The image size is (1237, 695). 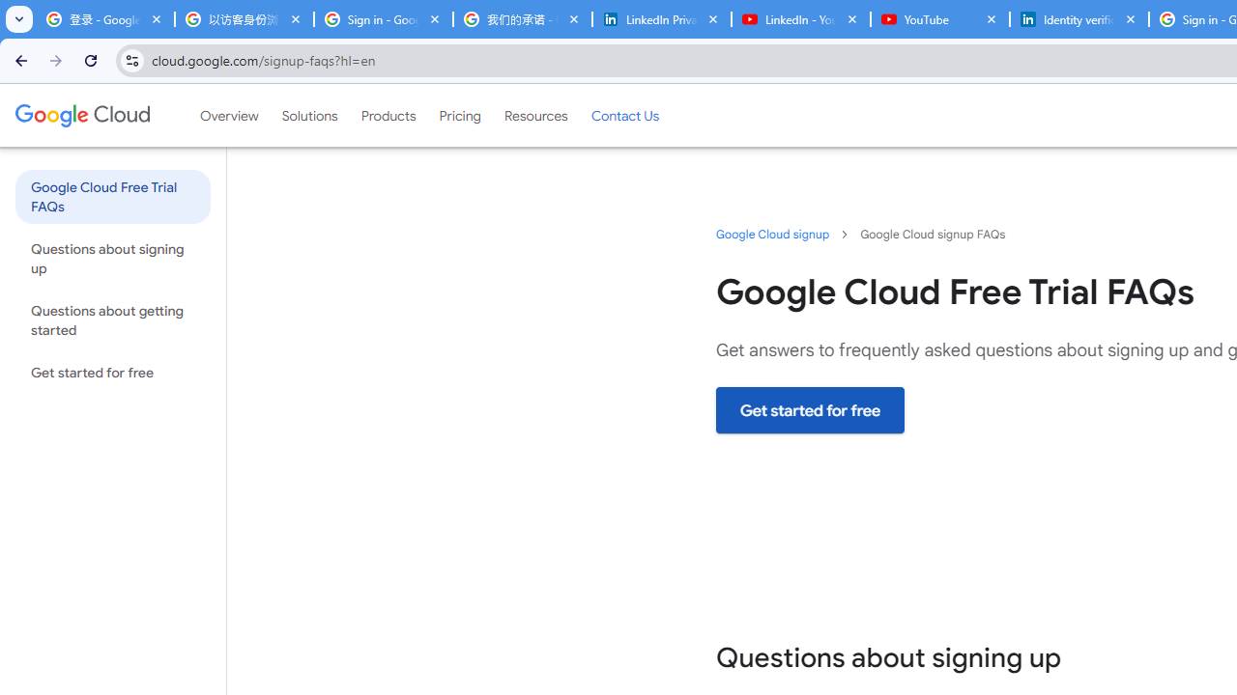 What do you see at coordinates (309, 115) in the screenshot?
I see `'Solutions'` at bounding box center [309, 115].